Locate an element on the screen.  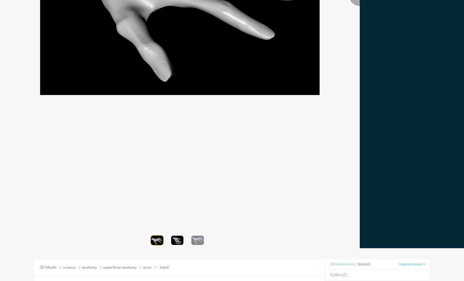
'3D Model' is located at coordinates (48, 267).